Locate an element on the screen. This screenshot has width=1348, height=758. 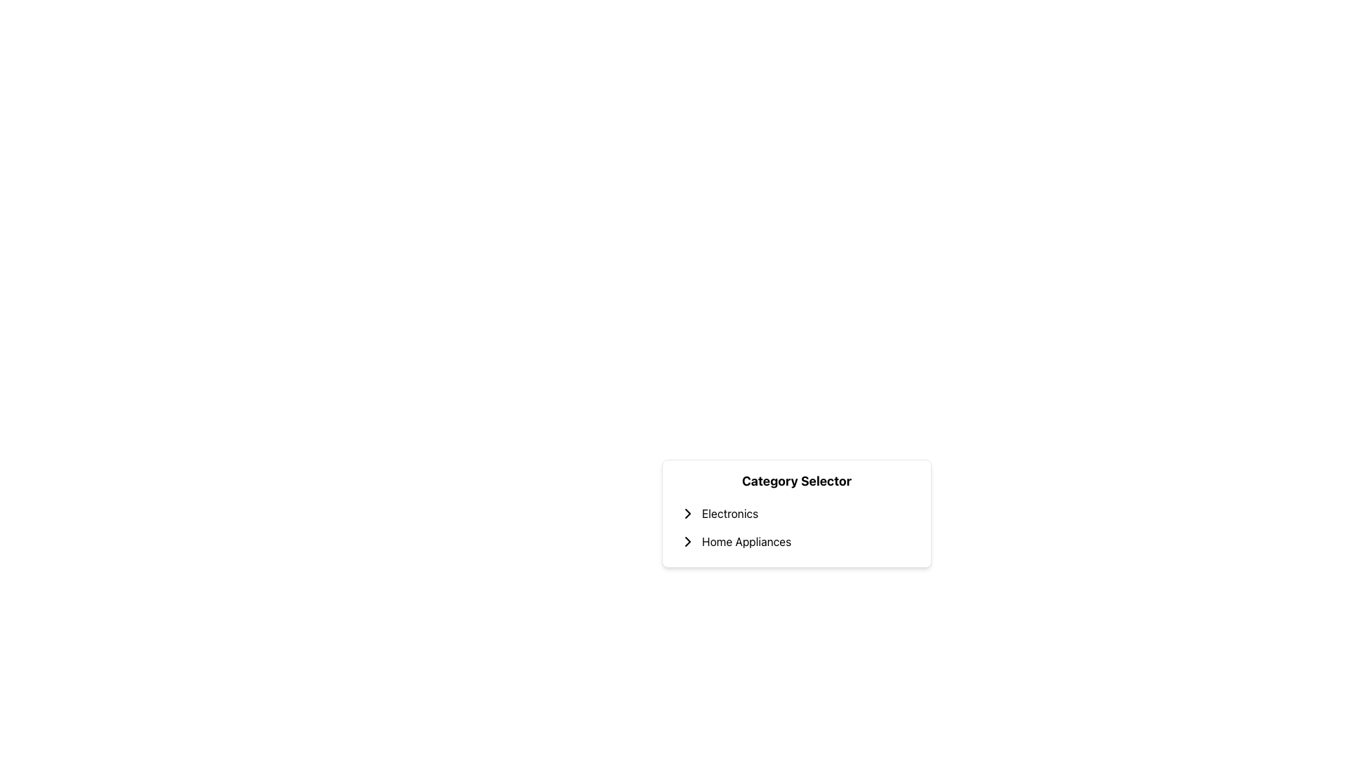
the triangular rightward arrow SVG icon located to the left of the 'Home Appliances' text in the 'Category Selector' to expand the subcategory is located at coordinates (687, 540).